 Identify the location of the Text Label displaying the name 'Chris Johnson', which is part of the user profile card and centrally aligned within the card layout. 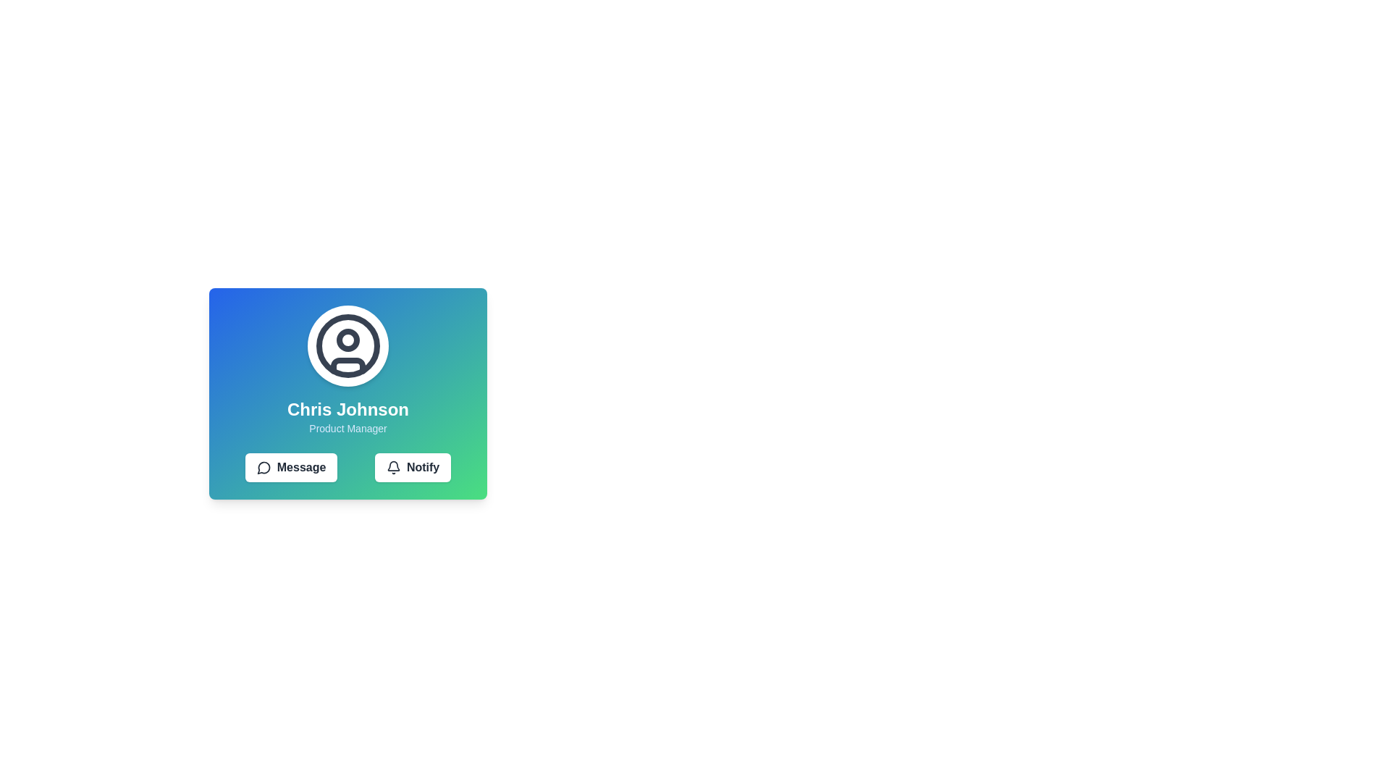
(347, 410).